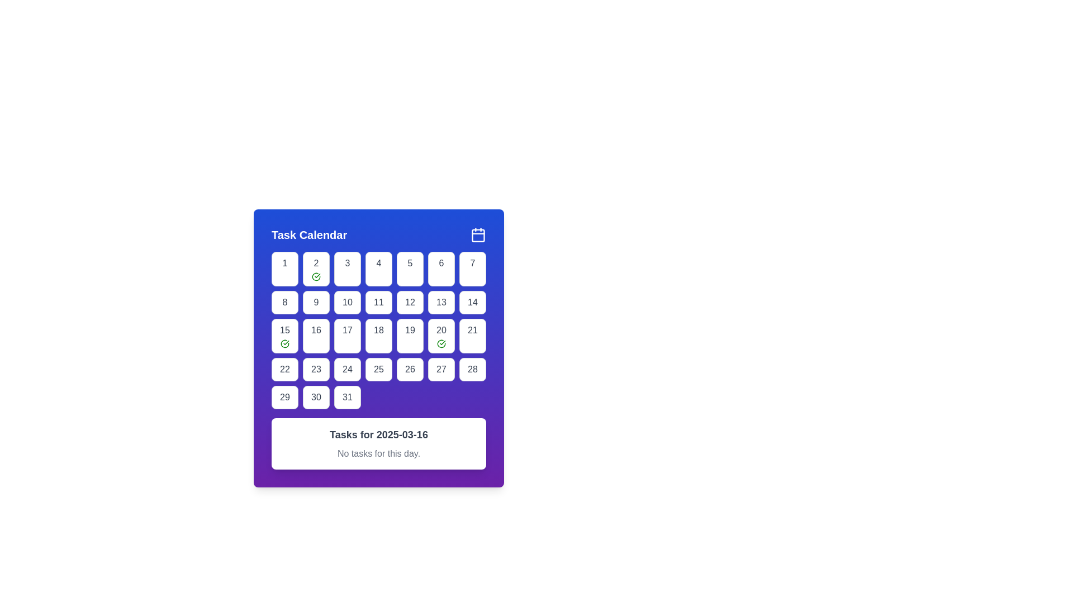  What do you see at coordinates (284, 397) in the screenshot?
I see `the button-like calendar day item representing the date '29'` at bounding box center [284, 397].